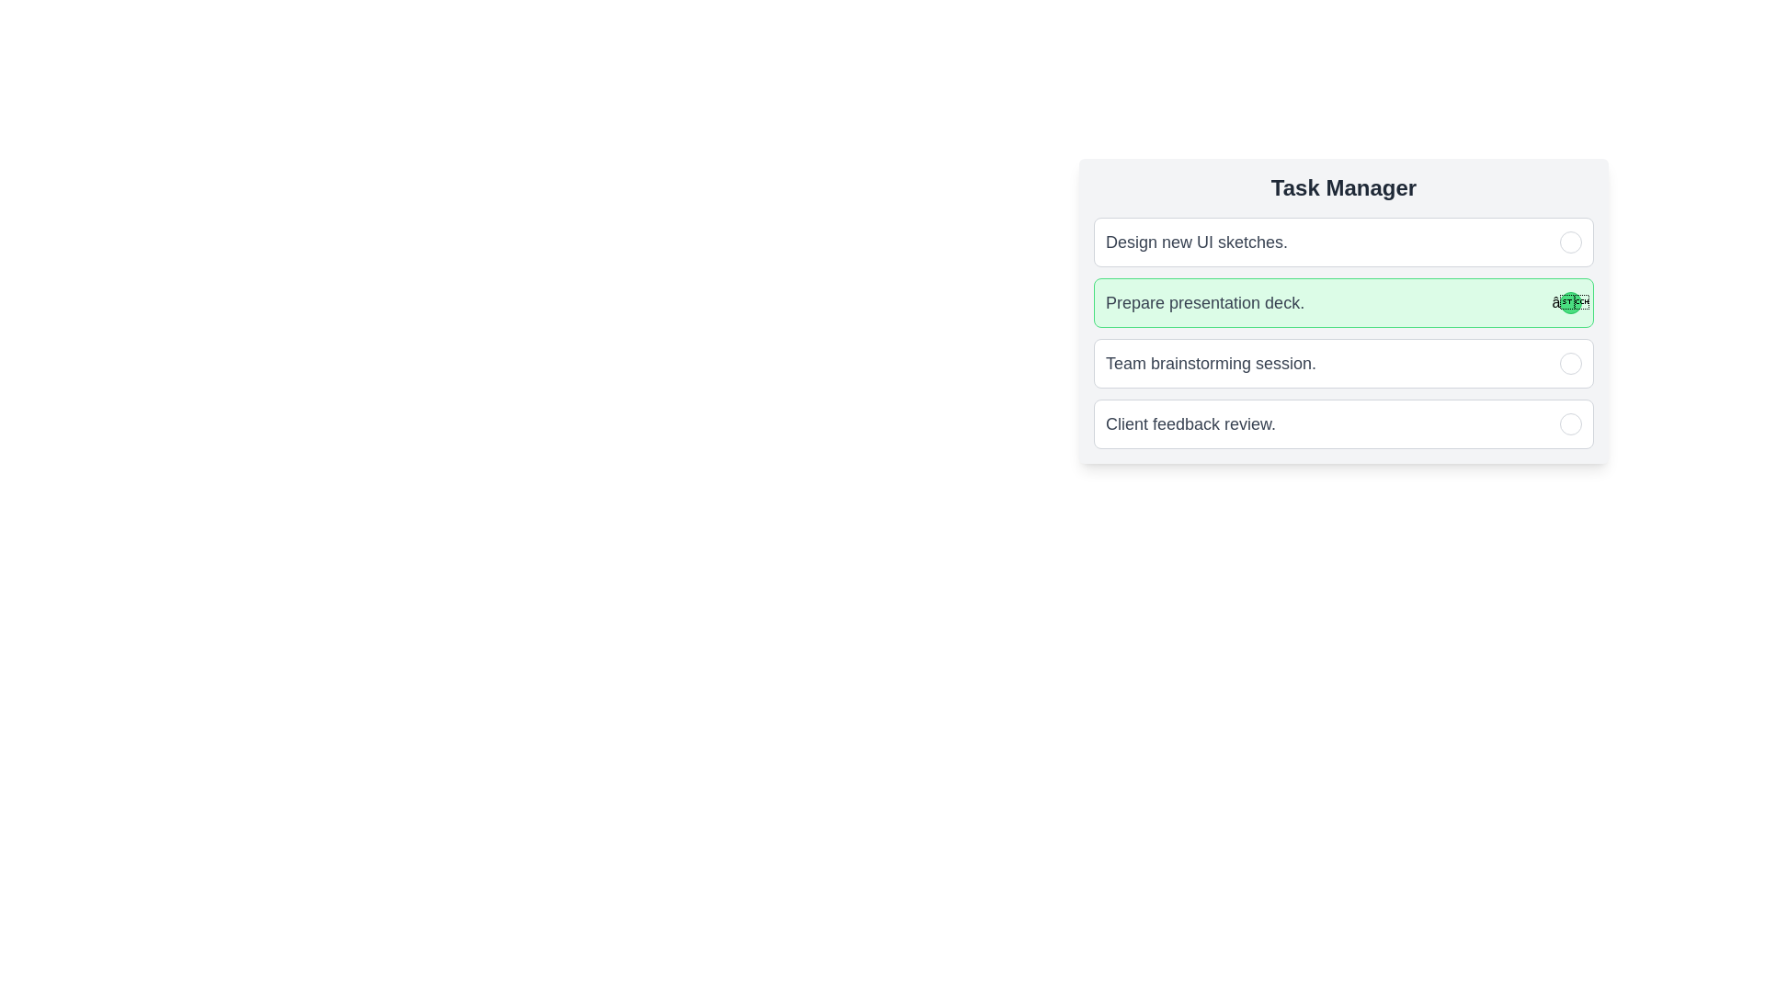 This screenshot has height=992, width=1765. Describe the element at coordinates (1344, 364) in the screenshot. I see `the List Item titled 'Team brainstorming session'` at that location.